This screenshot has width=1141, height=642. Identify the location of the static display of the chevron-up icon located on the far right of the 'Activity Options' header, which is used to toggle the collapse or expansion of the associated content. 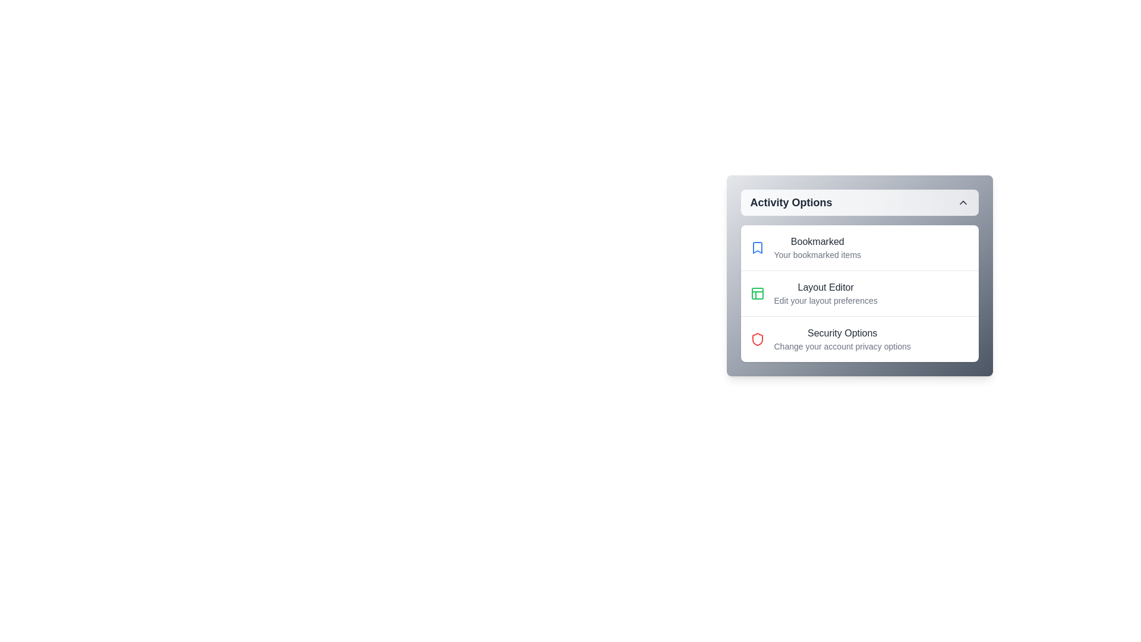
(963, 202).